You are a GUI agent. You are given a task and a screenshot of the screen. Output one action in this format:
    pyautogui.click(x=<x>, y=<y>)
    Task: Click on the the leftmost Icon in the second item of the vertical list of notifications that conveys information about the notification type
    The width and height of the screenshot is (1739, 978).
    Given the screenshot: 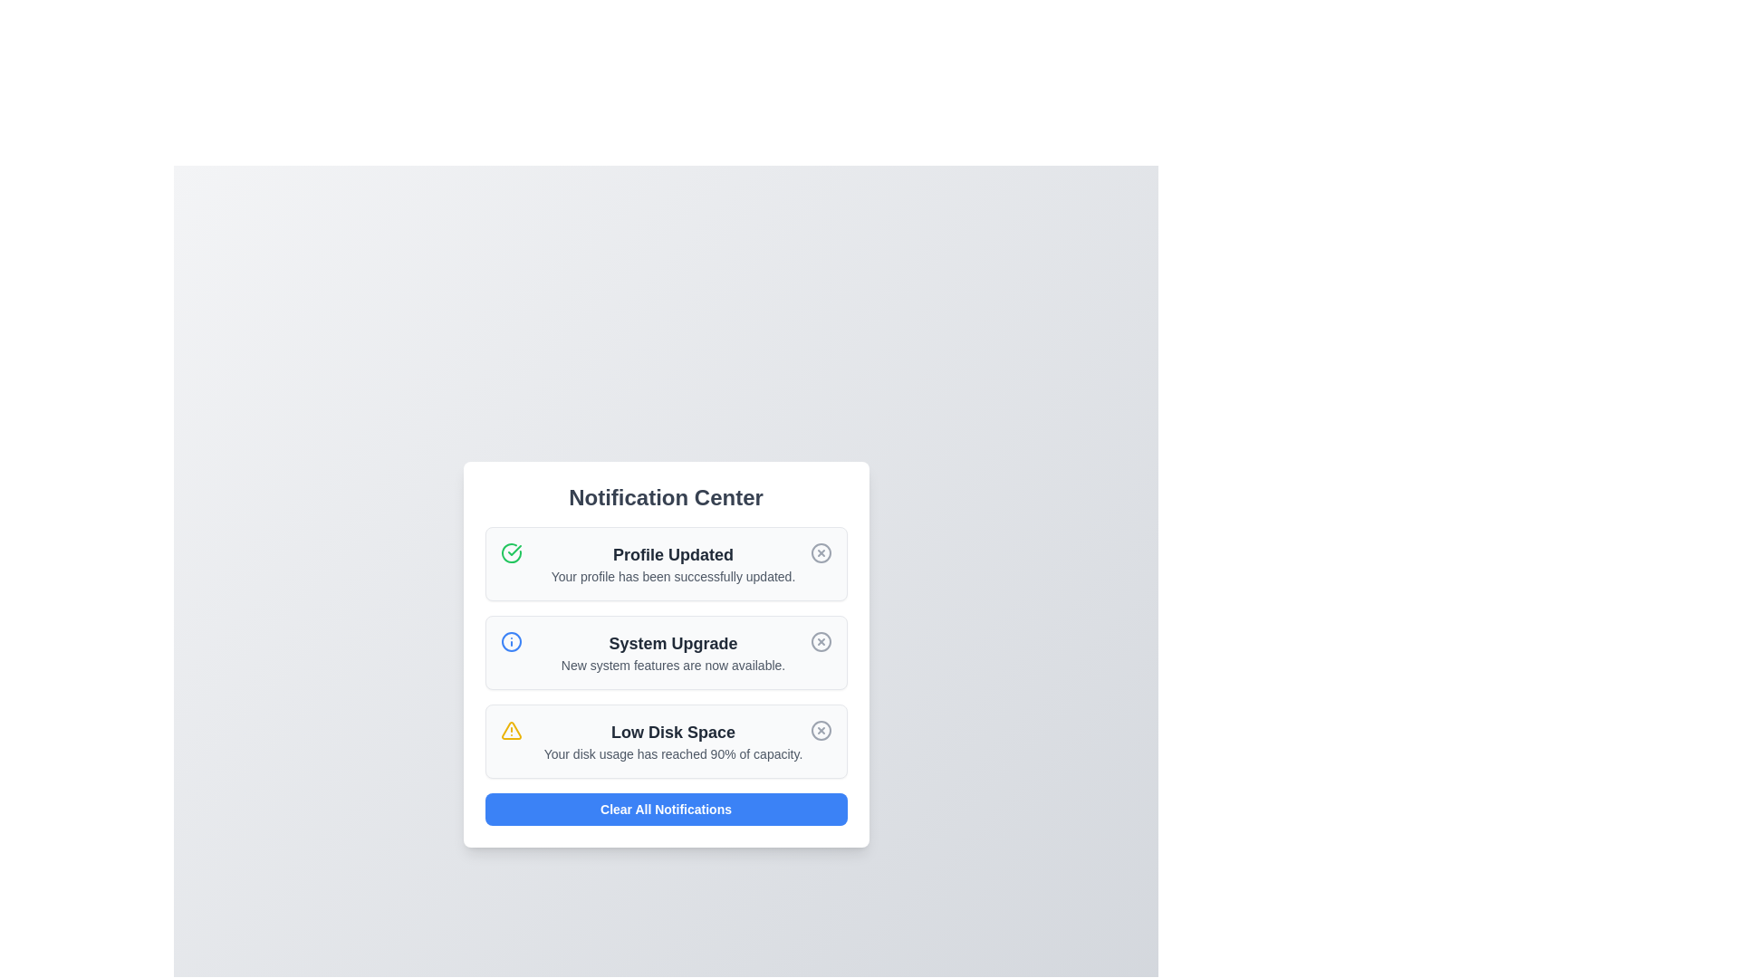 What is the action you would take?
    pyautogui.click(x=510, y=641)
    